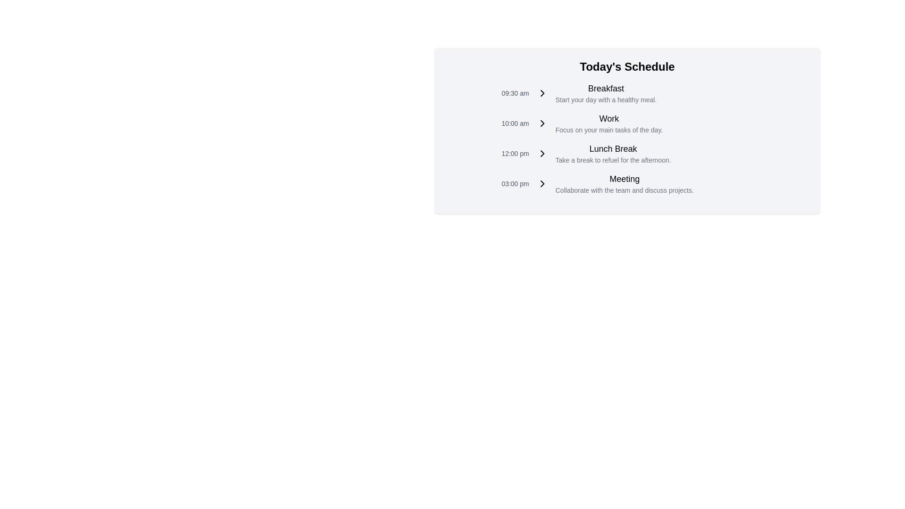 The height and width of the screenshot is (509, 905). What do you see at coordinates (609, 130) in the screenshot?
I see `the Text Label that provides a description associated with the 'Work' event in the 'Today's Schedule' section, located below the 'Work' title` at bounding box center [609, 130].